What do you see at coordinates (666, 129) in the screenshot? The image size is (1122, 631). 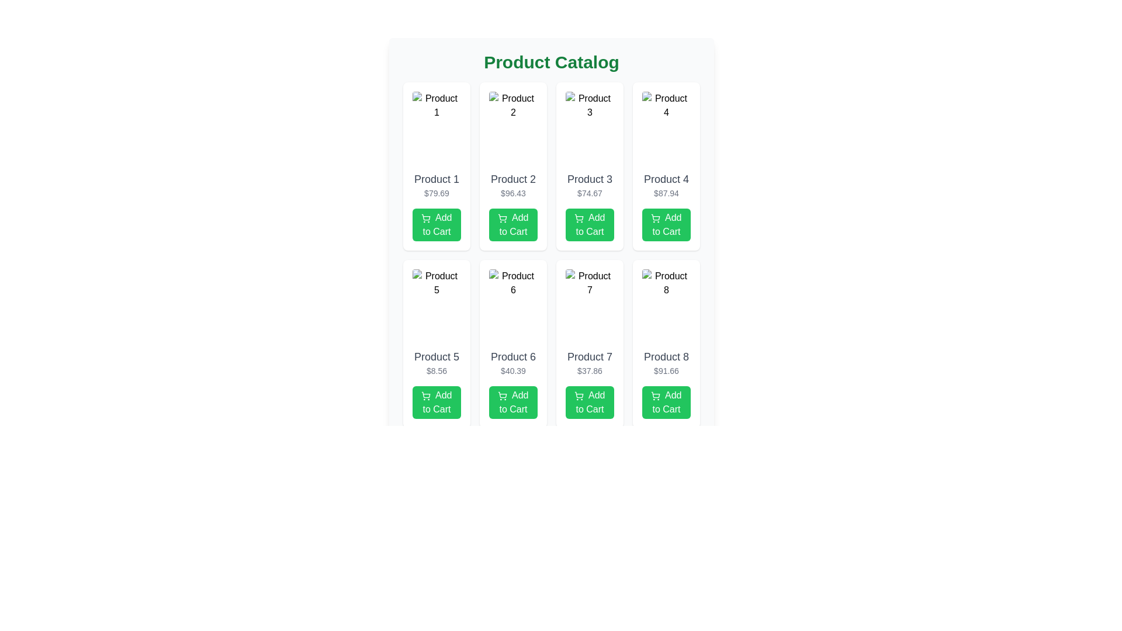 I see `the product image representing 'Product 4', which is located at the top of its card in the 2x4 grid layout` at bounding box center [666, 129].